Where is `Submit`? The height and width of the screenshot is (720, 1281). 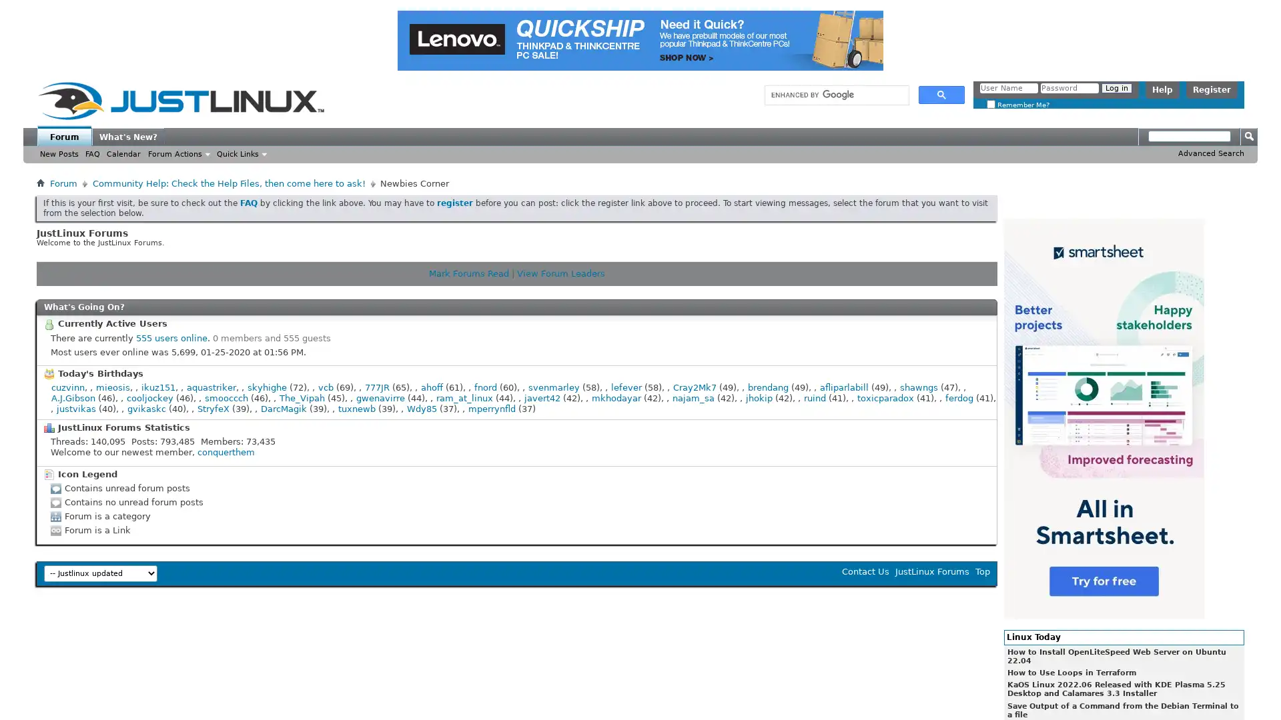
Submit is located at coordinates (1248, 136).